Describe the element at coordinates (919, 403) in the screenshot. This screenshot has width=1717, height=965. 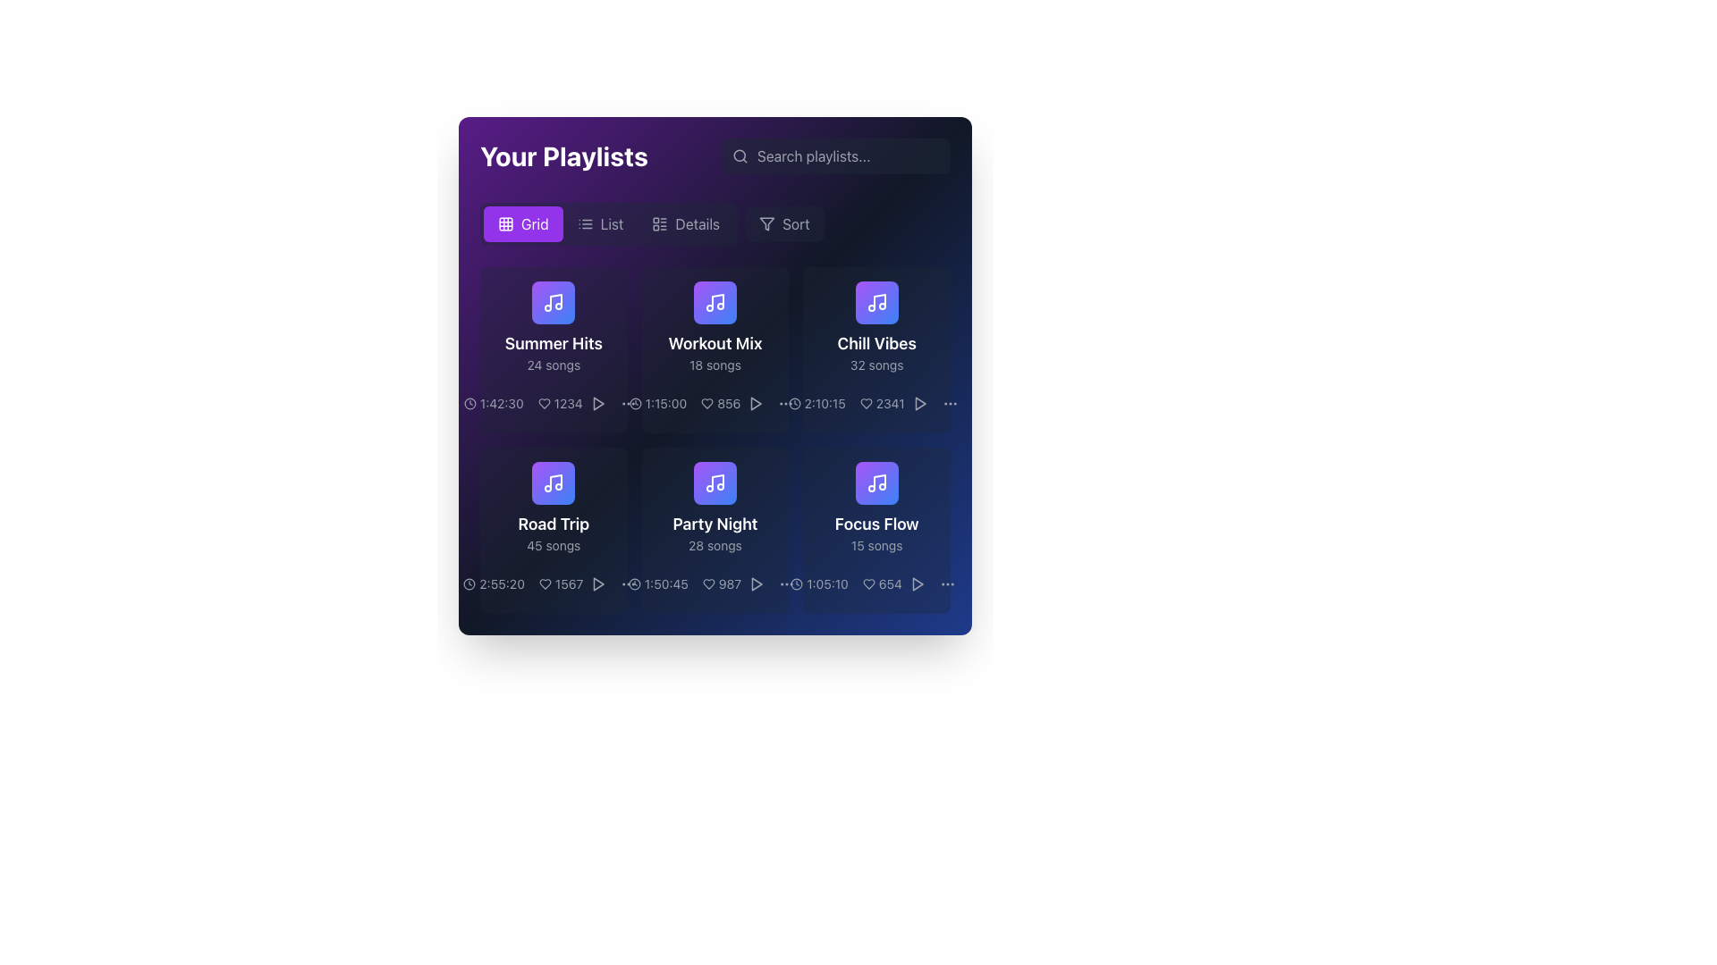
I see `the play button for the 'Chill Vibes' playlist, located to the right of the likes count '2341'` at that location.